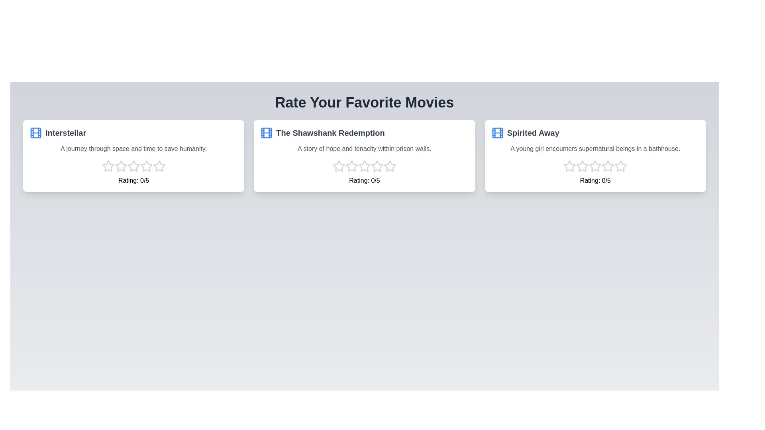 Image resolution: width=765 pixels, height=430 pixels. I want to click on the star corresponding to the 4 rating for the movie The Shawshank Redemption, so click(377, 166).